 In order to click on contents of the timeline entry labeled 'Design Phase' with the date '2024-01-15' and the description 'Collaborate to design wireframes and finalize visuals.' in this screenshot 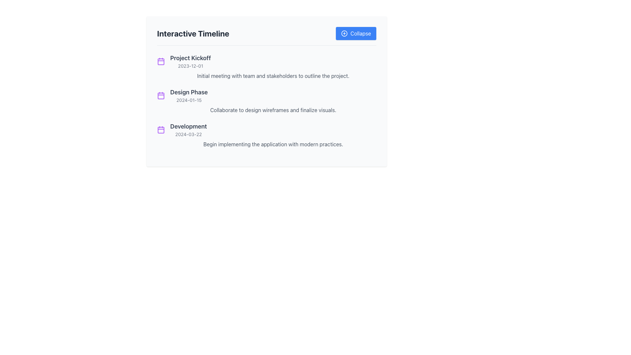, I will do `click(267, 101)`.